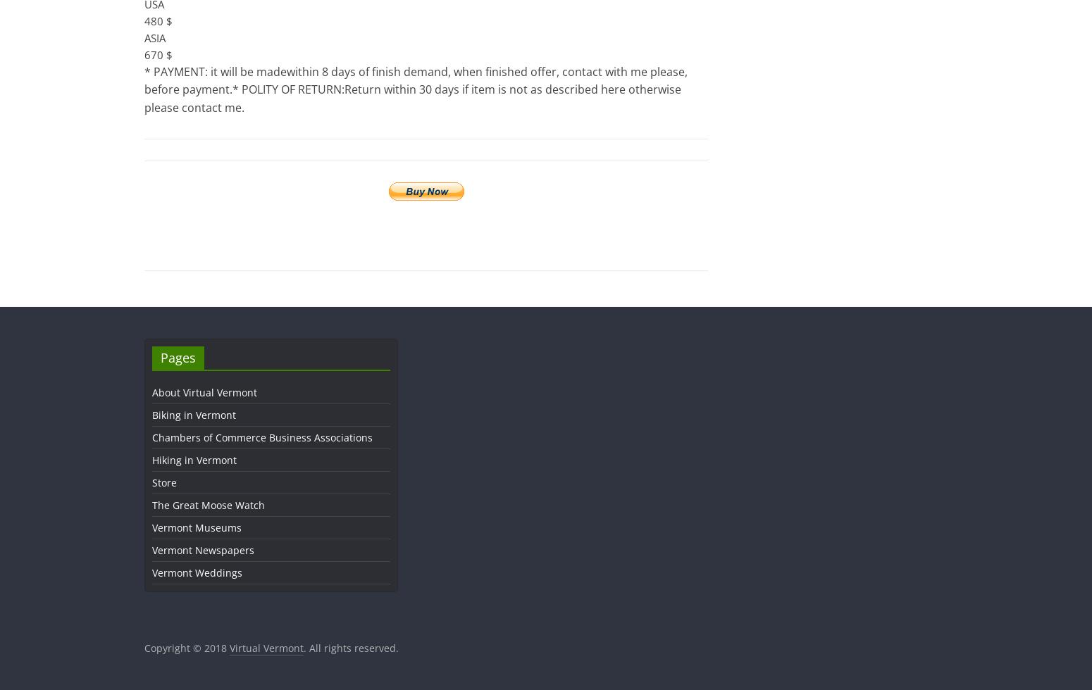 The image size is (1092, 690). I want to click on 'Store', so click(151, 482).